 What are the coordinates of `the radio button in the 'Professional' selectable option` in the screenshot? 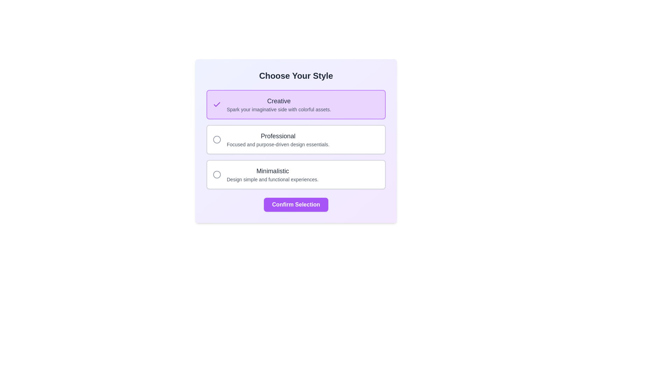 It's located at (296, 139).